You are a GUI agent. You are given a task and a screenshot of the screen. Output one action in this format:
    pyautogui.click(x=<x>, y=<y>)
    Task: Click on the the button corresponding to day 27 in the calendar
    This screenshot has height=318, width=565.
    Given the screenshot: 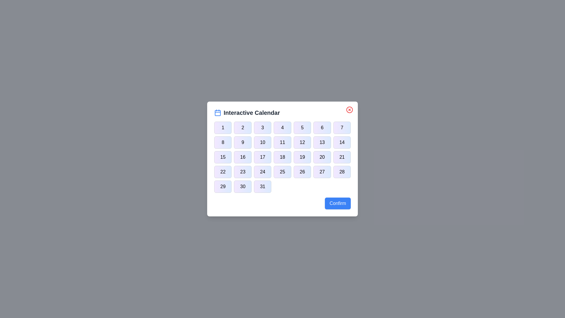 What is the action you would take?
    pyautogui.click(x=322, y=172)
    